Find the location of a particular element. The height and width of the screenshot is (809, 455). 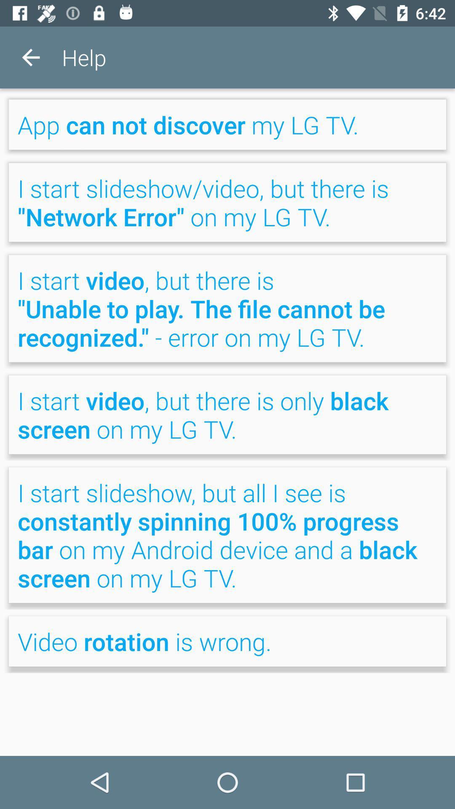

item to the left of the help is located at coordinates (30, 57).